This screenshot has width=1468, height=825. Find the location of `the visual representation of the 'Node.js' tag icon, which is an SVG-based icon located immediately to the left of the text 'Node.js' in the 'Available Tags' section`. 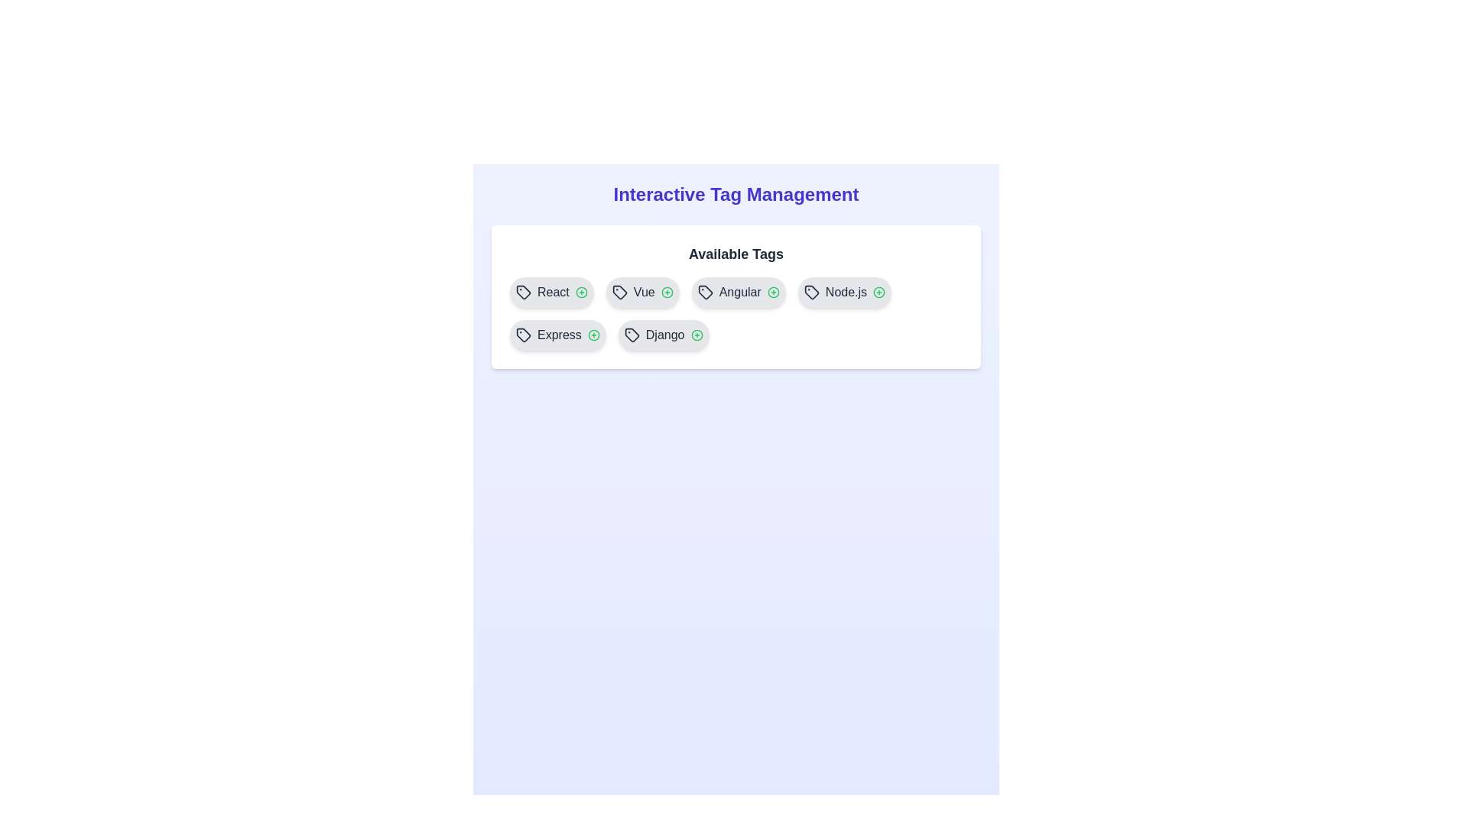

the visual representation of the 'Node.js' tag icon, which is an SVG-based icon located immediately to the left of the text 'Node.js' in the 'Available Tags' section is located at coordinates (810, 292).